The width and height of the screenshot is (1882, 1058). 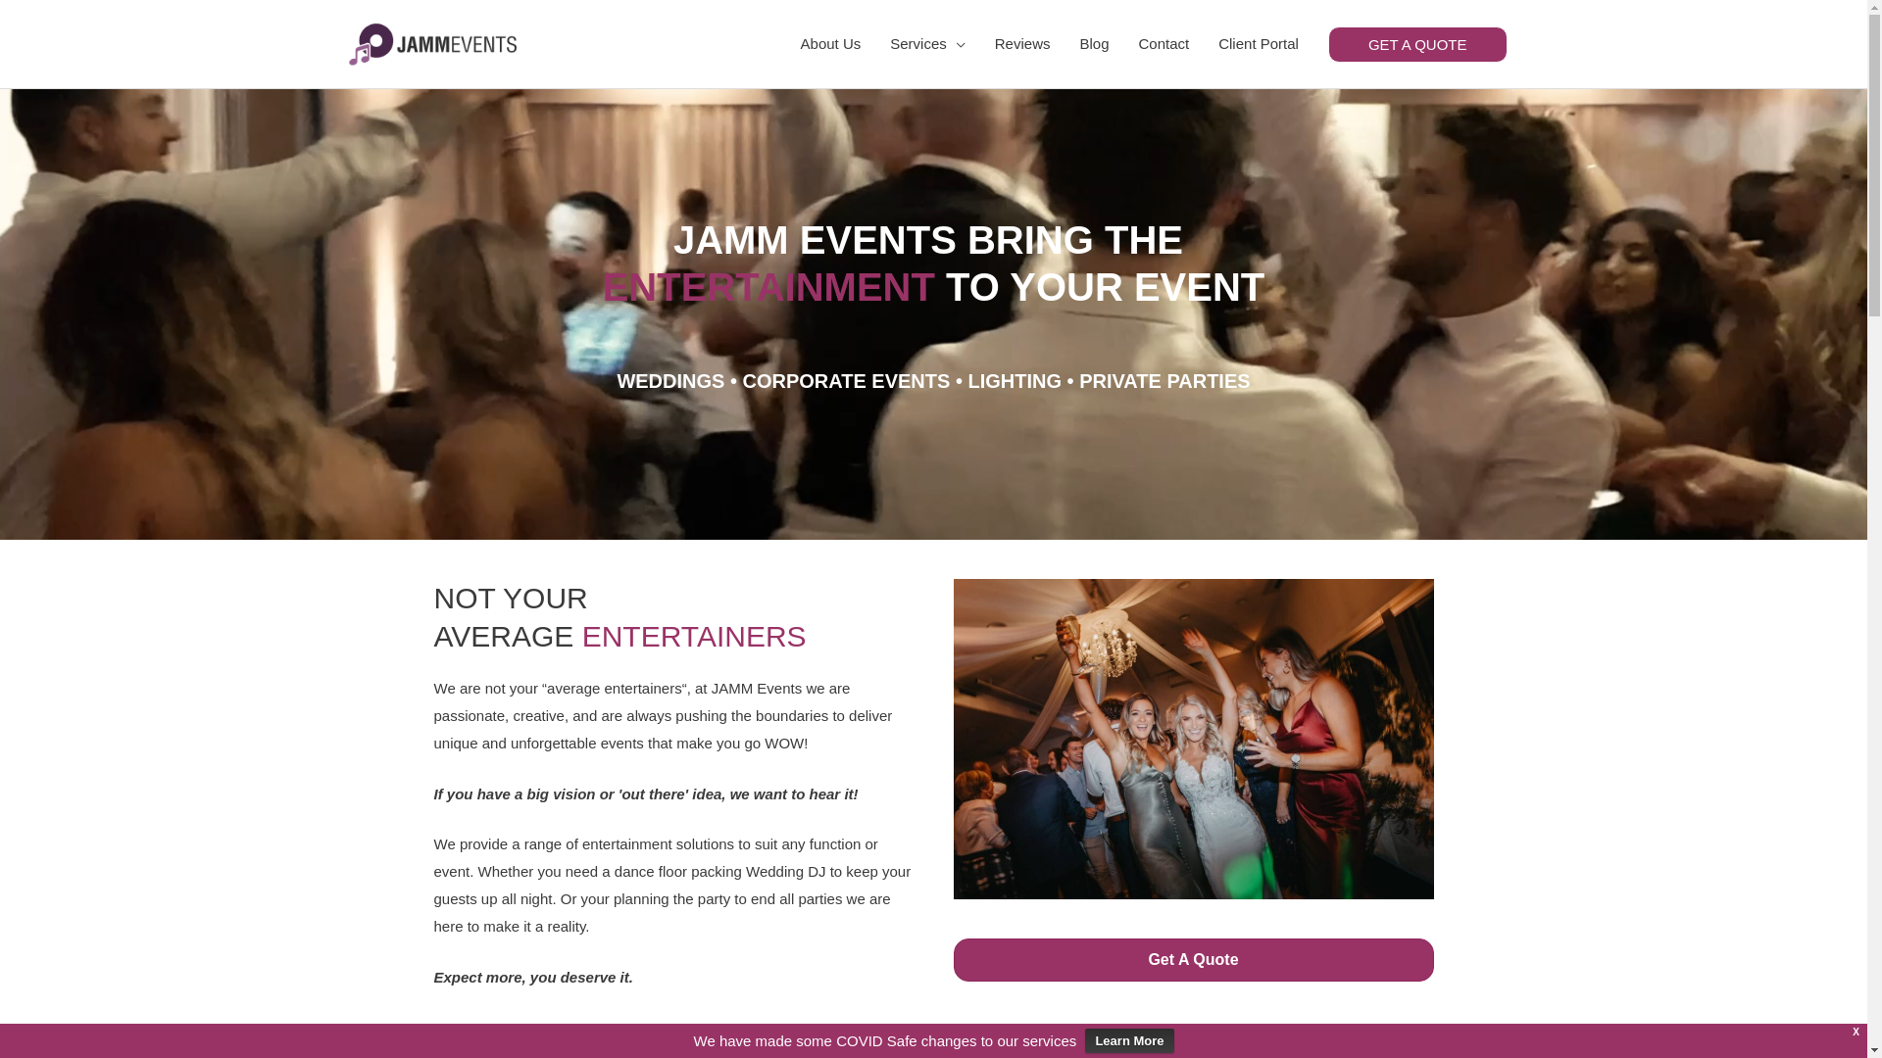 I want to click on 'Learn More', so click(x=1129, y=1039).